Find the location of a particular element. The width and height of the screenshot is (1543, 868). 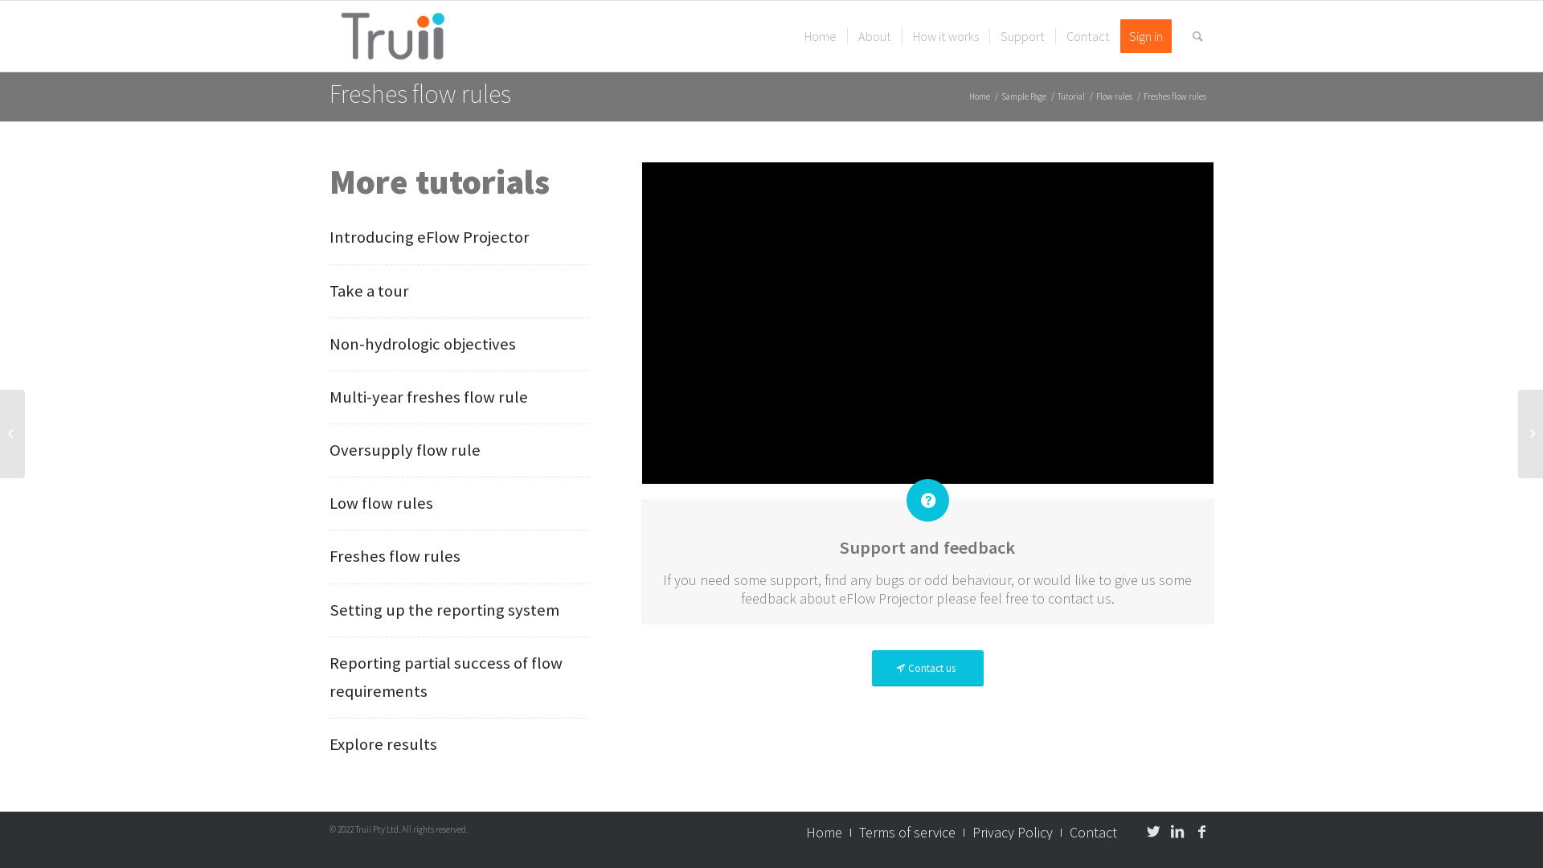

'LinkedIn' is located at coordinates (1177, 831).